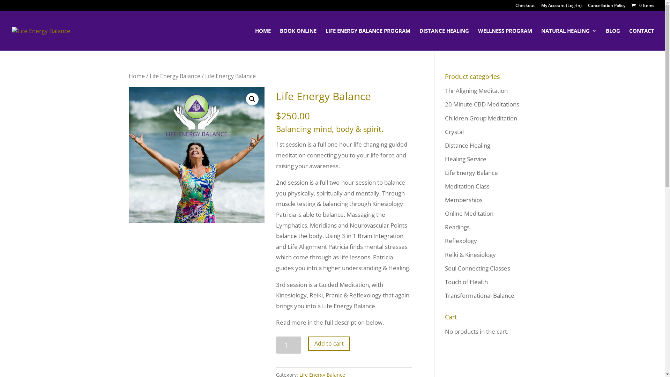  I want to click on 'Distance Healing', so click(444, 145).